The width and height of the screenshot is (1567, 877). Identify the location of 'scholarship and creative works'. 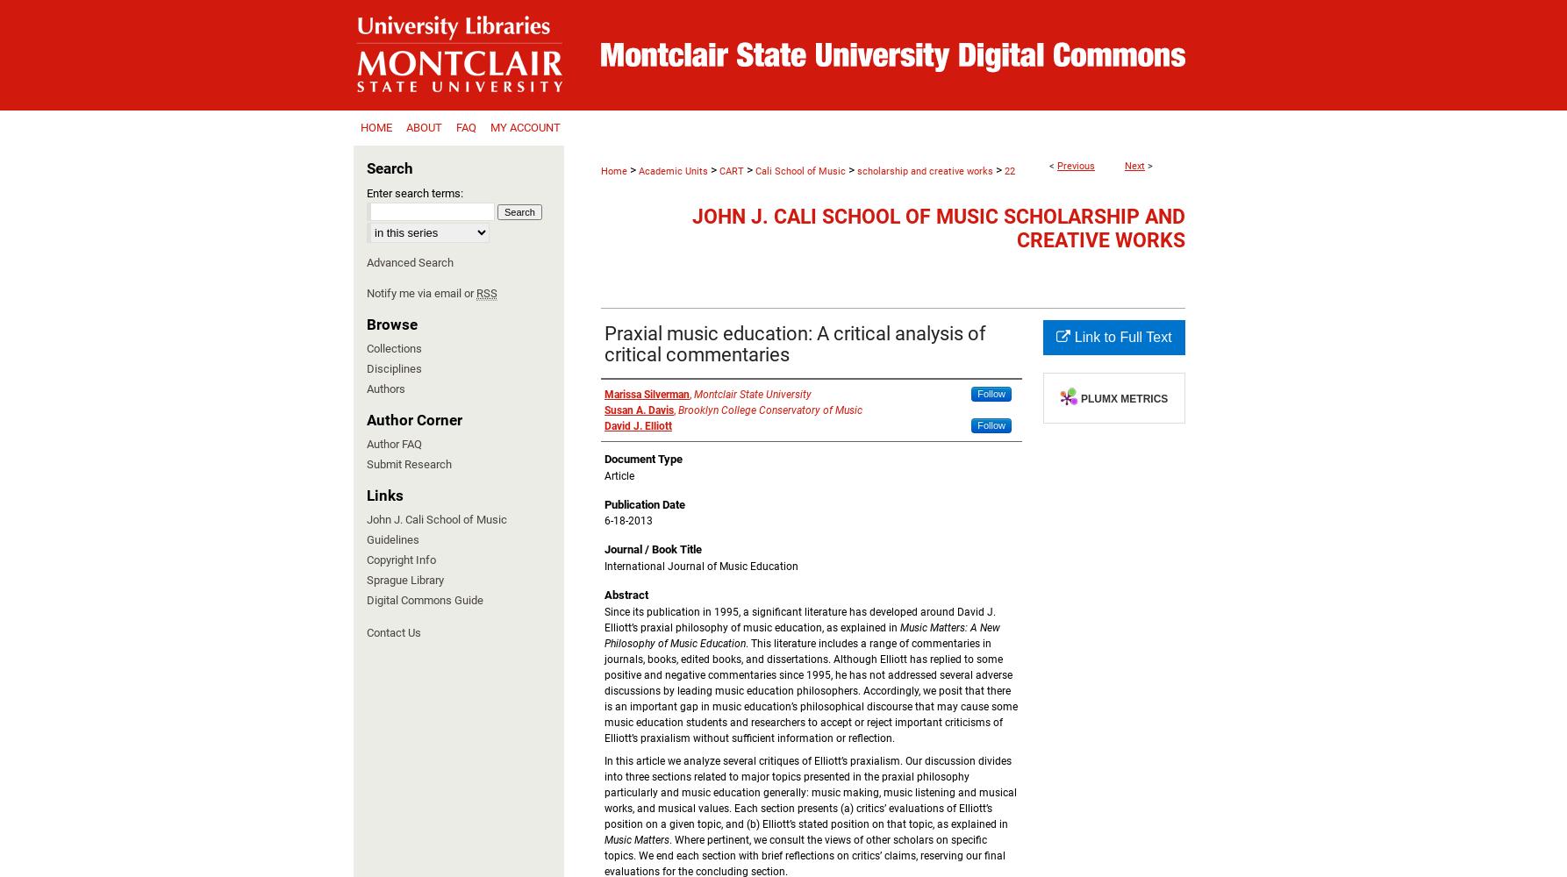
(856, 170).